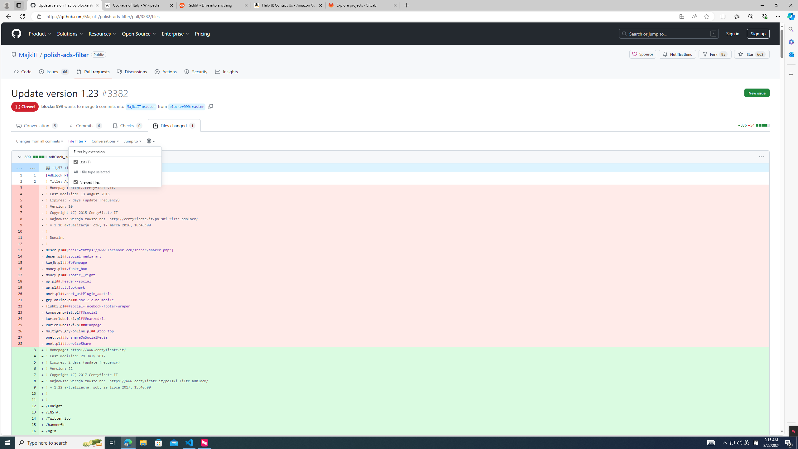  I want to click on 'Show options', so click(762, 157).